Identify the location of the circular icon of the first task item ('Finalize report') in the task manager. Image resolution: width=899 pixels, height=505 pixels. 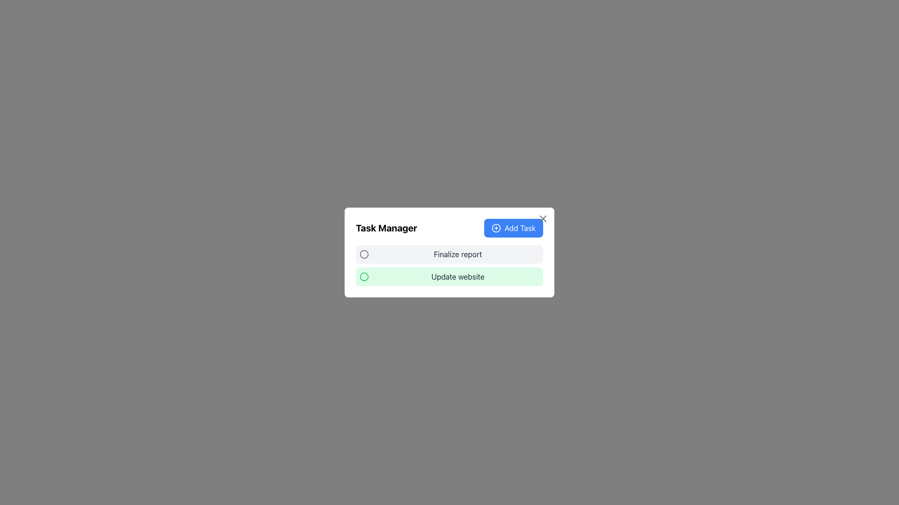
(449, 254).